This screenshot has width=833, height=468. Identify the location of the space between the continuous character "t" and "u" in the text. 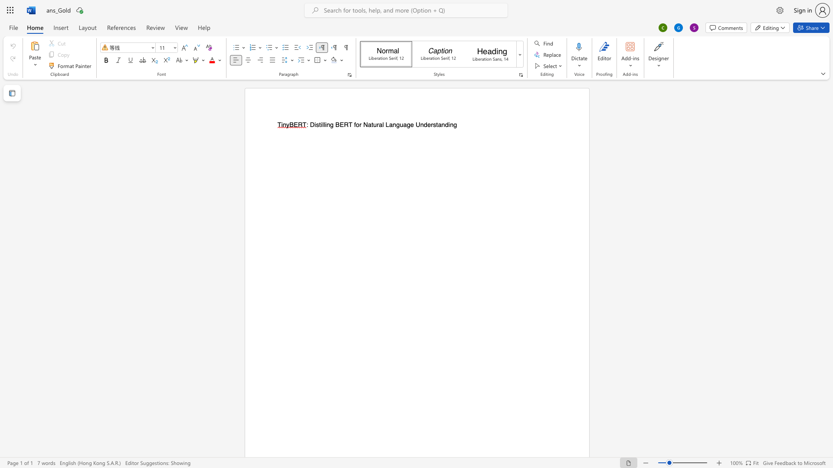
(374, 125).